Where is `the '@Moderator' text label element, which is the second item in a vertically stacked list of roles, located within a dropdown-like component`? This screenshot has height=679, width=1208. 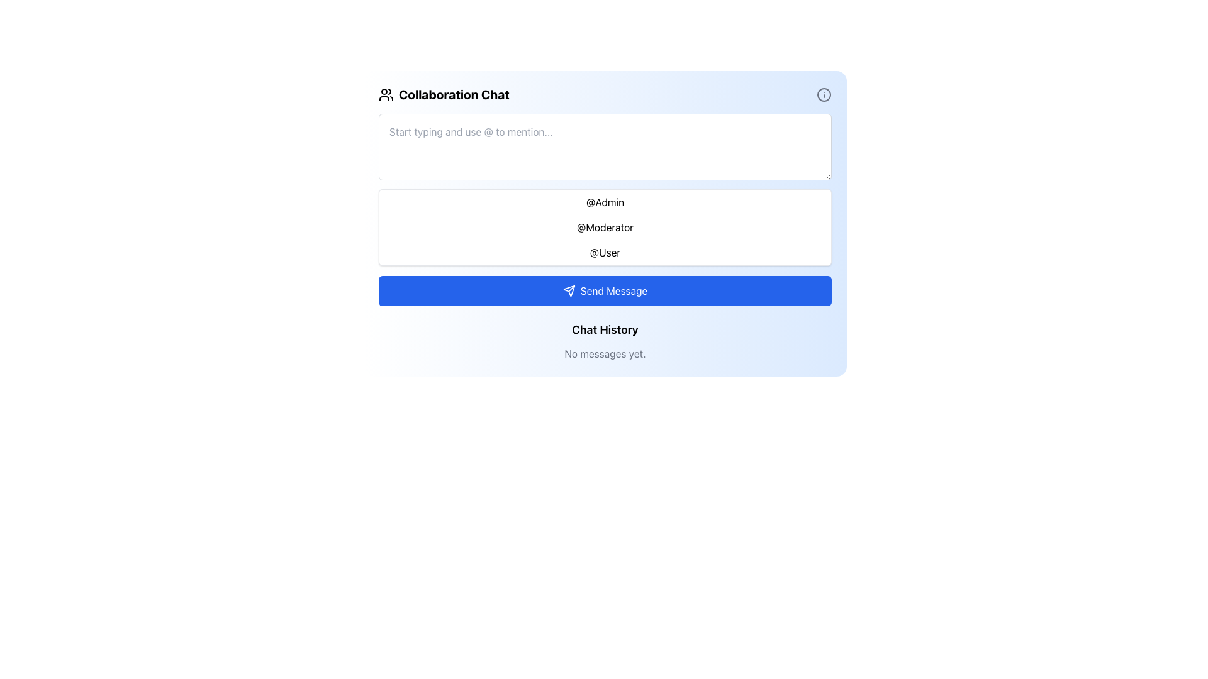
the '@Moderator' text label element, which is the second item in a vertically stacked list of roles, located within a dropdown-like component is located at coordinates (605, 228).